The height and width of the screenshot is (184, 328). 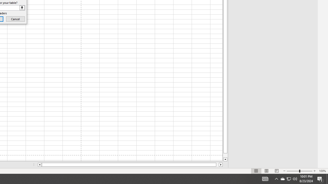 What do you see at coordinates (39, 165) in the screenshot?
I see `'Column left'` at bounding box center [39, 165].